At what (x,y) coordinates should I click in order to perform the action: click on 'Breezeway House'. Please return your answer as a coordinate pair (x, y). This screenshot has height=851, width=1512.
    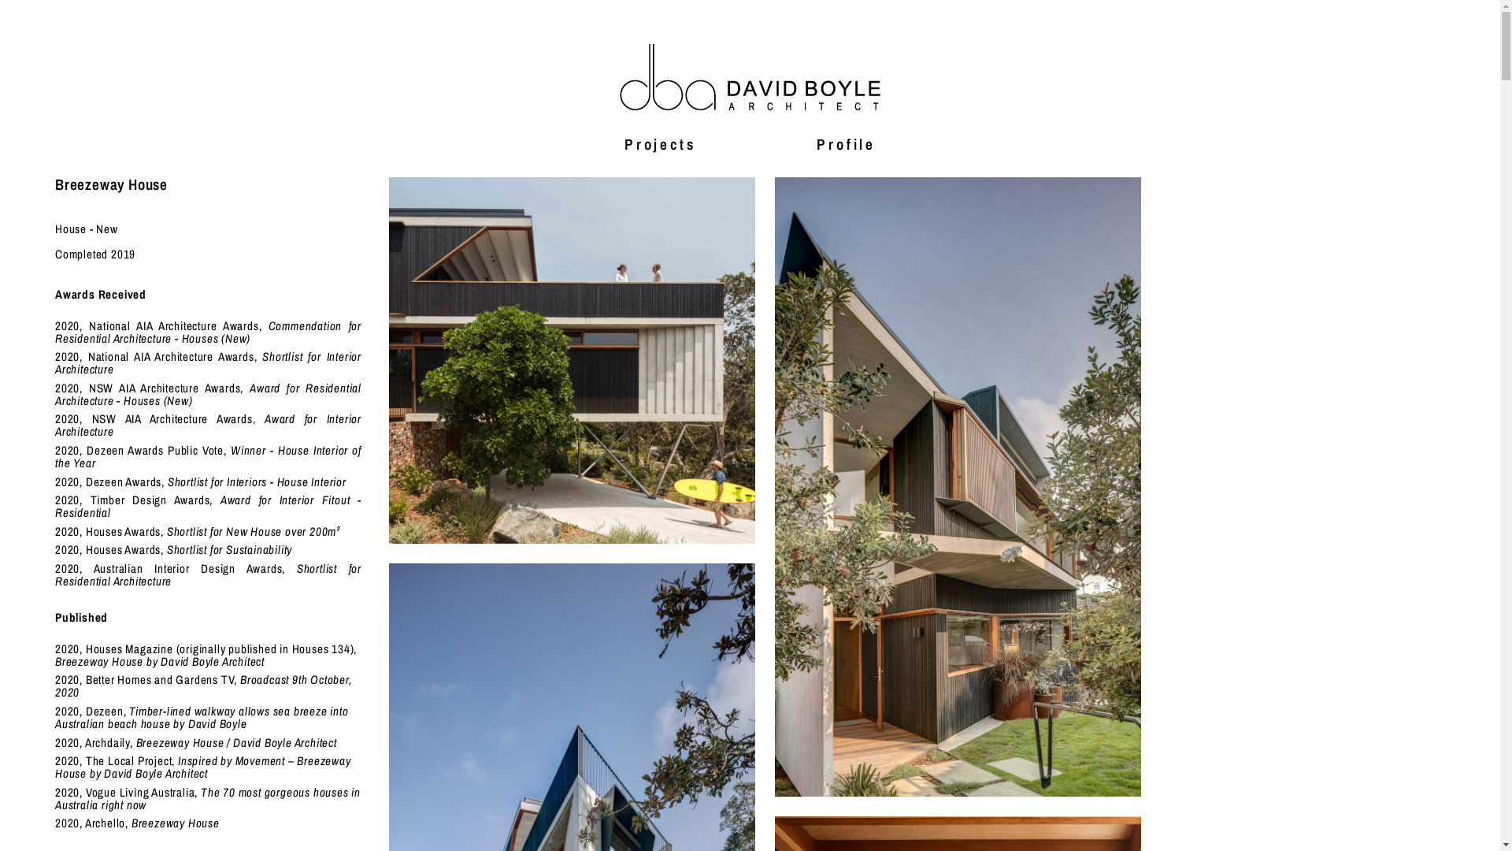
    Looking at the image, I should click on (957, 485).